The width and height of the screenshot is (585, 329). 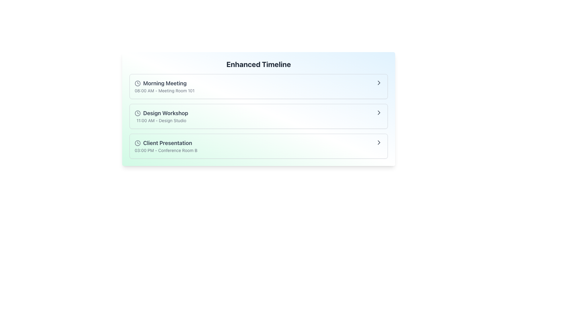 I want to click on the third event card in the timeline interface, so click(x=259, y=146).